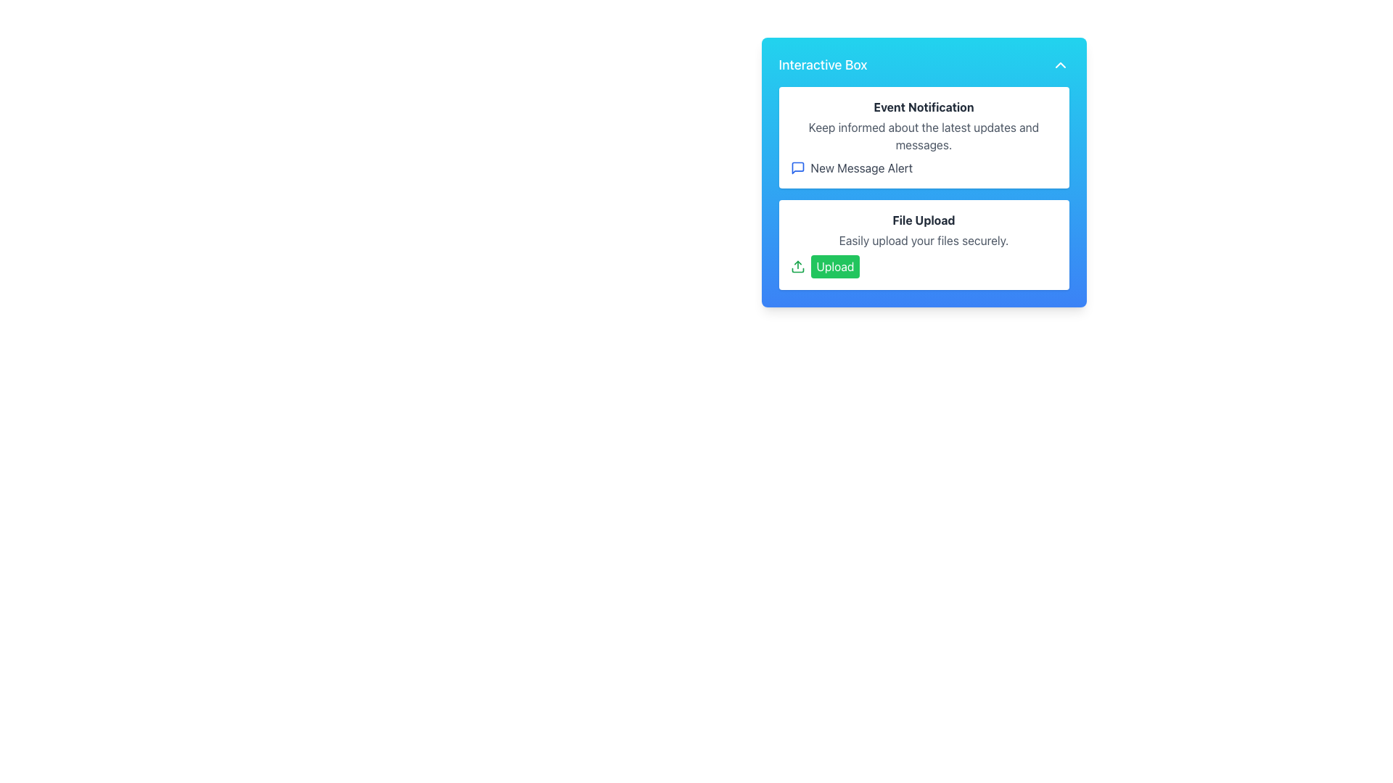  Describe the element at coordinates (861, 167) in the screenshot. I see `text indicating a new message alert notification located inside the 'Interactive Box' under 'Event Notification', aligned with the blue message bubble icon` at that location.